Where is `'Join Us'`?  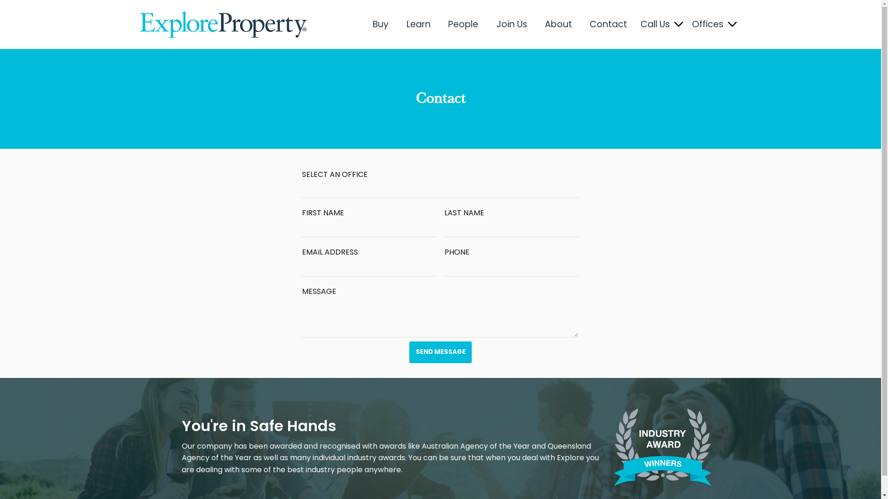
'Join Us' is located at coordinates (486, 24).